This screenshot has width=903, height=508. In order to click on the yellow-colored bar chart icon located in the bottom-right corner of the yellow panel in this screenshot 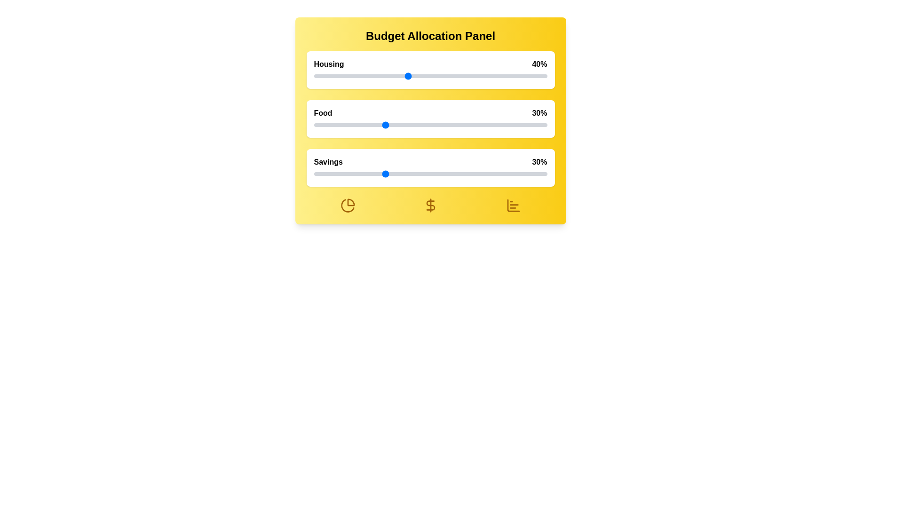, I will do `click(513, 205)`.